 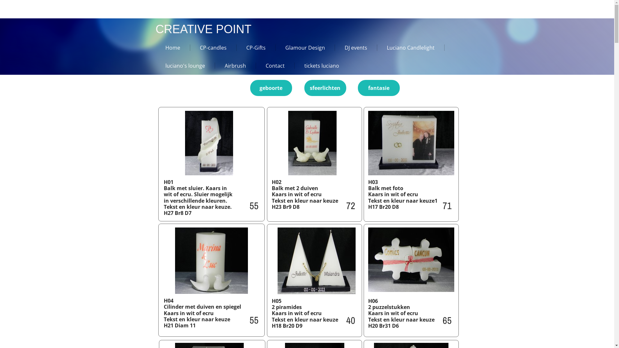 I want to click on 'luciano's lounge', so click(x=181, y=66).